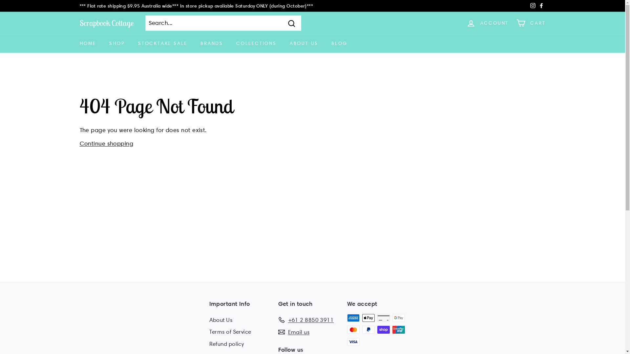 The width and height of the screenshot is (630, 354). What do you see at coordinates (305, 320) in the screenshot?
I see `'+61 2 8850 3911'` at bounding box center [305, 320].